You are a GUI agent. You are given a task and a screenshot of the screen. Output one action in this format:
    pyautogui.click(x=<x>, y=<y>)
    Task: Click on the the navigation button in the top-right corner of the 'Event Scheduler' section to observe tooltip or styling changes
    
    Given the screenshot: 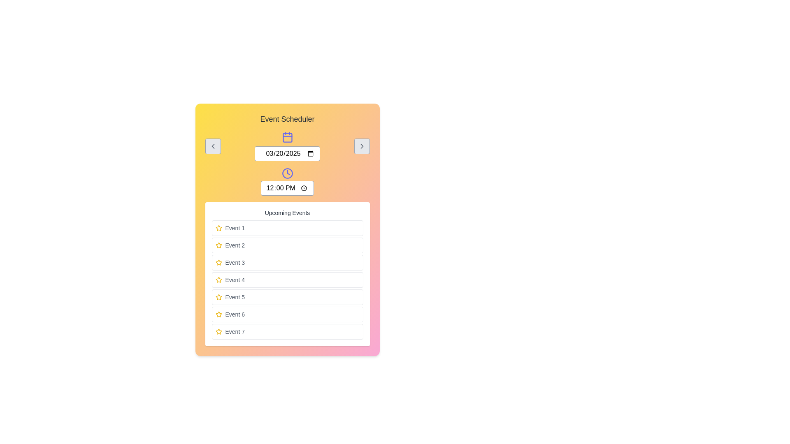 What is the action you would take?
    pyautogui.click(x=362, y=146)
    